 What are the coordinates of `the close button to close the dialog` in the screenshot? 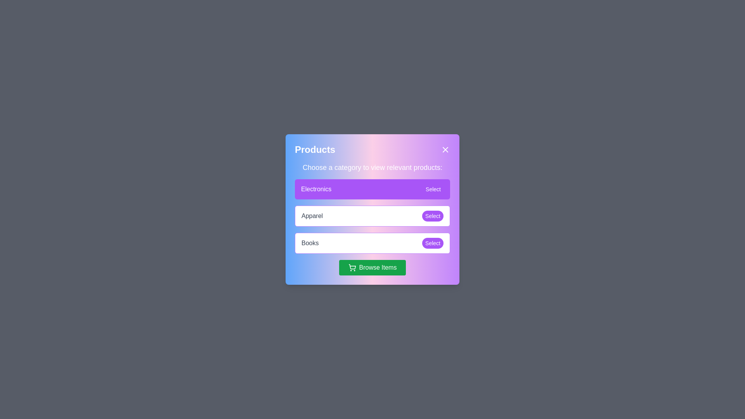 It's located at (445, 149).